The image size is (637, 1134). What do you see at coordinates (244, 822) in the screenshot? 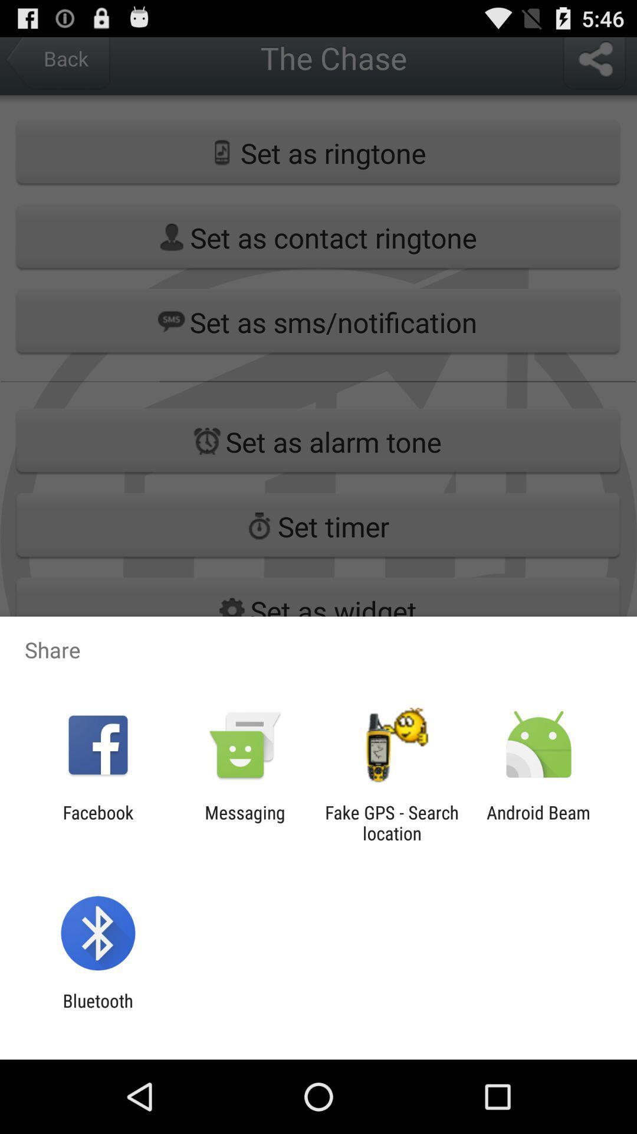
I see `messaging app` at bounding box center [244, 822].